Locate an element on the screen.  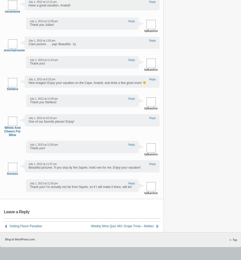
'Thank you! I’m actually not far from Squire, so if I will make it there, will do!' is located at coordinates (80, 186).